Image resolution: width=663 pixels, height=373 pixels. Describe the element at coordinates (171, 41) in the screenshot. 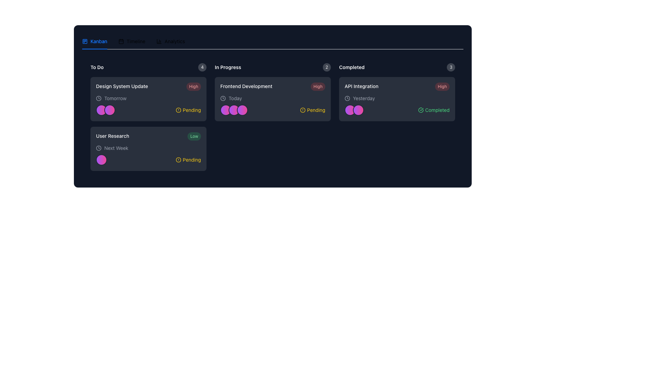

I see `the third tab in the navigation bar` at that location.